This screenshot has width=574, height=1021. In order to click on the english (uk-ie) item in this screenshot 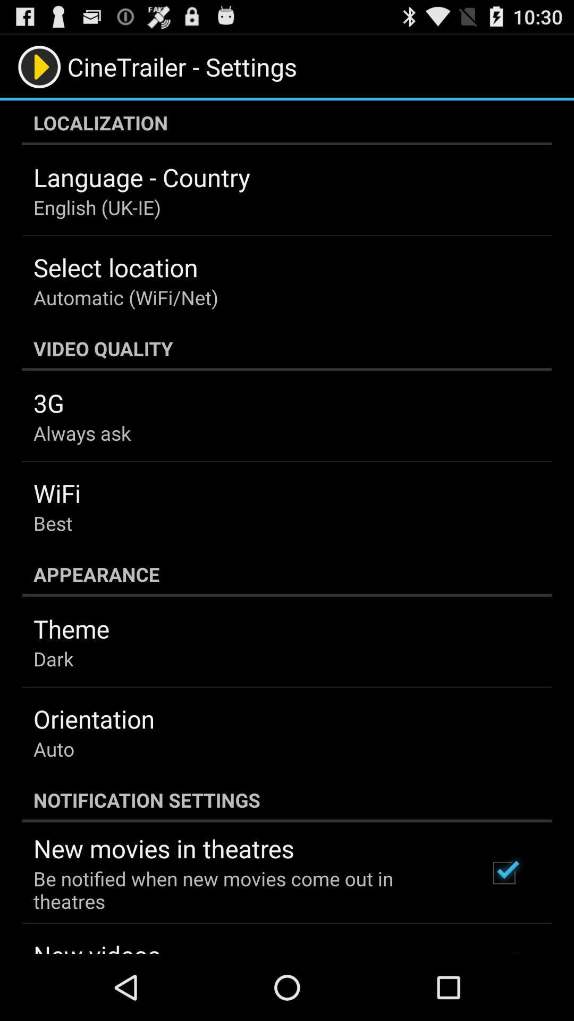, I will do `click(97, 207)`.